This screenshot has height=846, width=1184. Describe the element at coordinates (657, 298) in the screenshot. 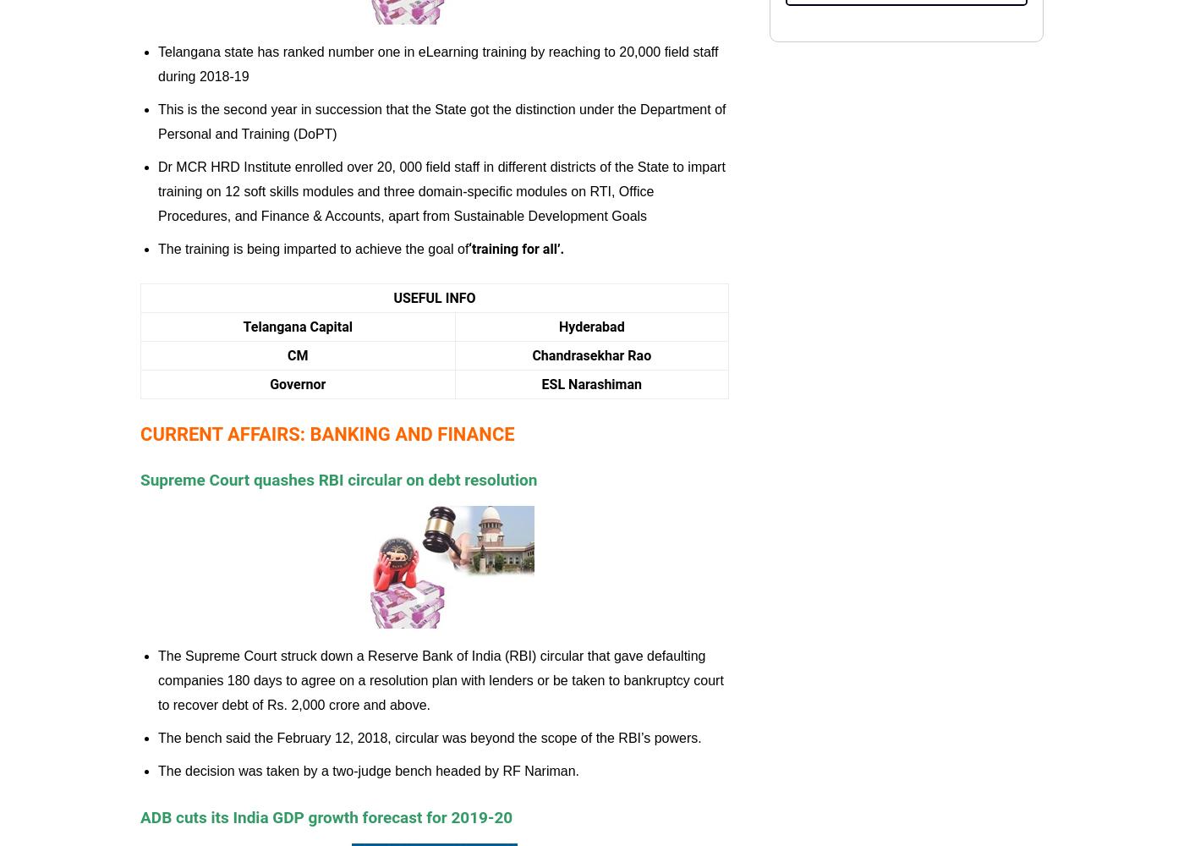

I see `'Railway Exams'` at that location.